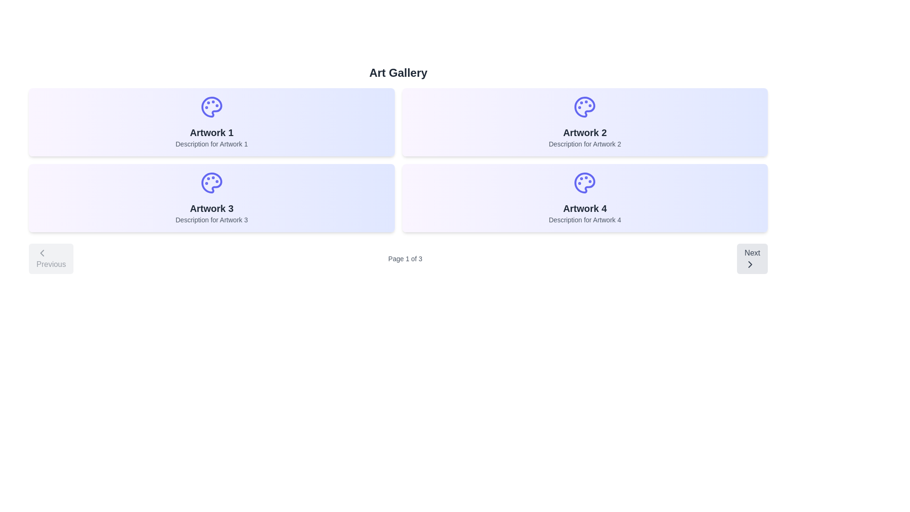 This screenshot has width=910, height=512. I want to click on descriptive text label located directly below 'Artwork 1' within the lower section of the card, so click(211, 144).